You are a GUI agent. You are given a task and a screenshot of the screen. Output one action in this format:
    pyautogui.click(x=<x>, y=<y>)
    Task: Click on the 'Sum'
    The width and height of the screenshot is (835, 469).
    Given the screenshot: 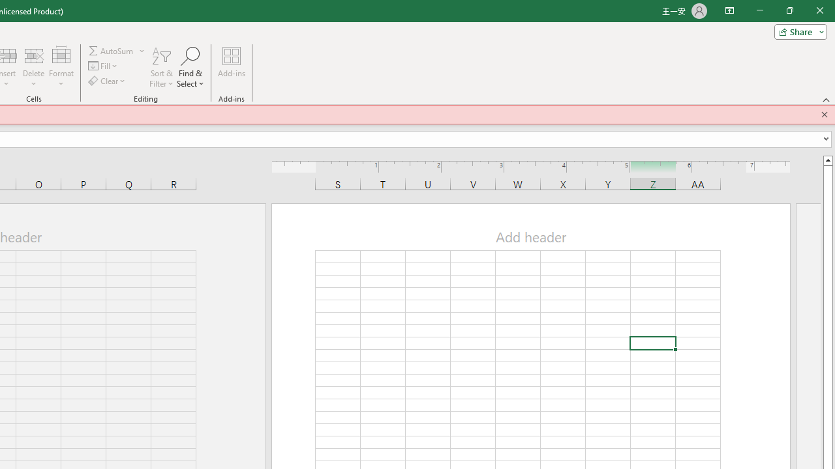 What is the action you would take?
    pyautogui.click(x=112, y=50)
    